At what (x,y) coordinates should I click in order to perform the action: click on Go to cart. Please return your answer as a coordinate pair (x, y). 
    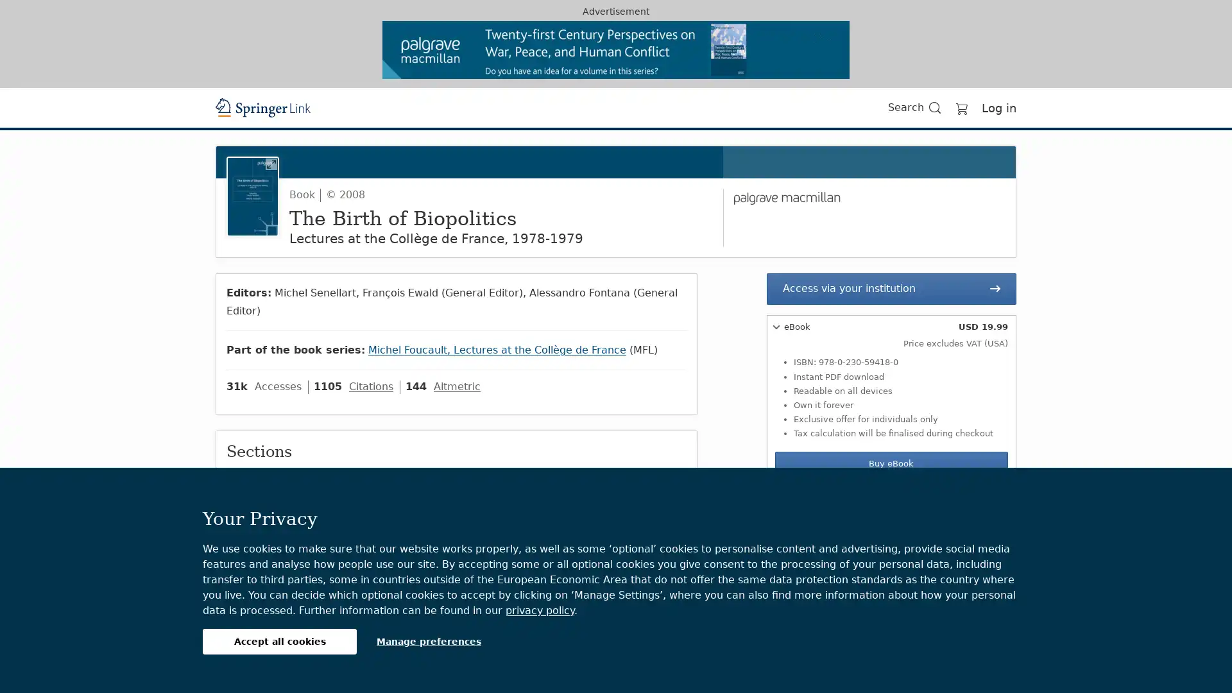
    Looking at the image, I should click on (961, 107).